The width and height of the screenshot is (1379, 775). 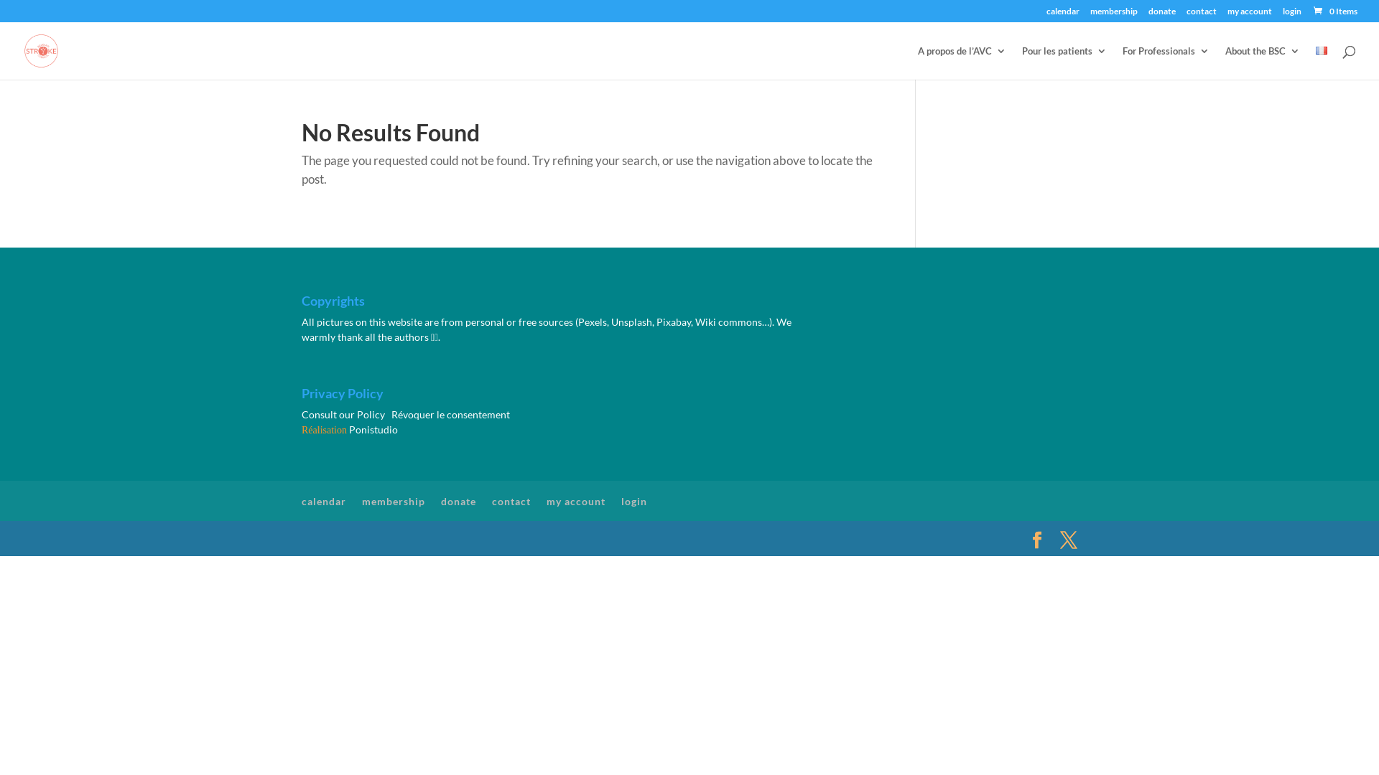 I want to click on 'login', so click(x=1292, y=14).